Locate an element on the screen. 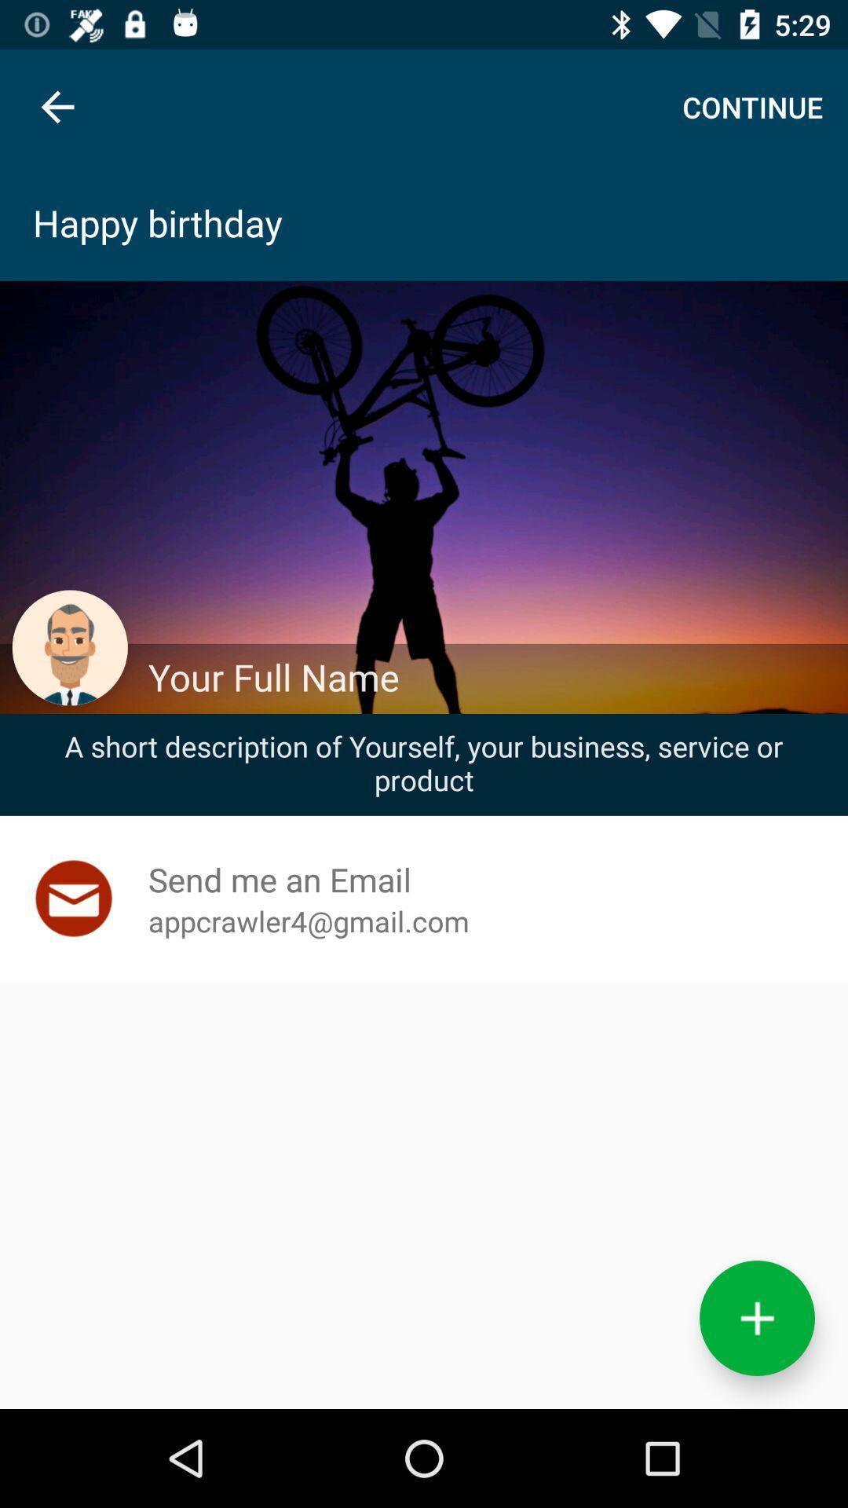 The height and width of the screenshot is (1508, 848). icon below the appcrawler4@gmail.com icon is located at coordinates (756, 1318).